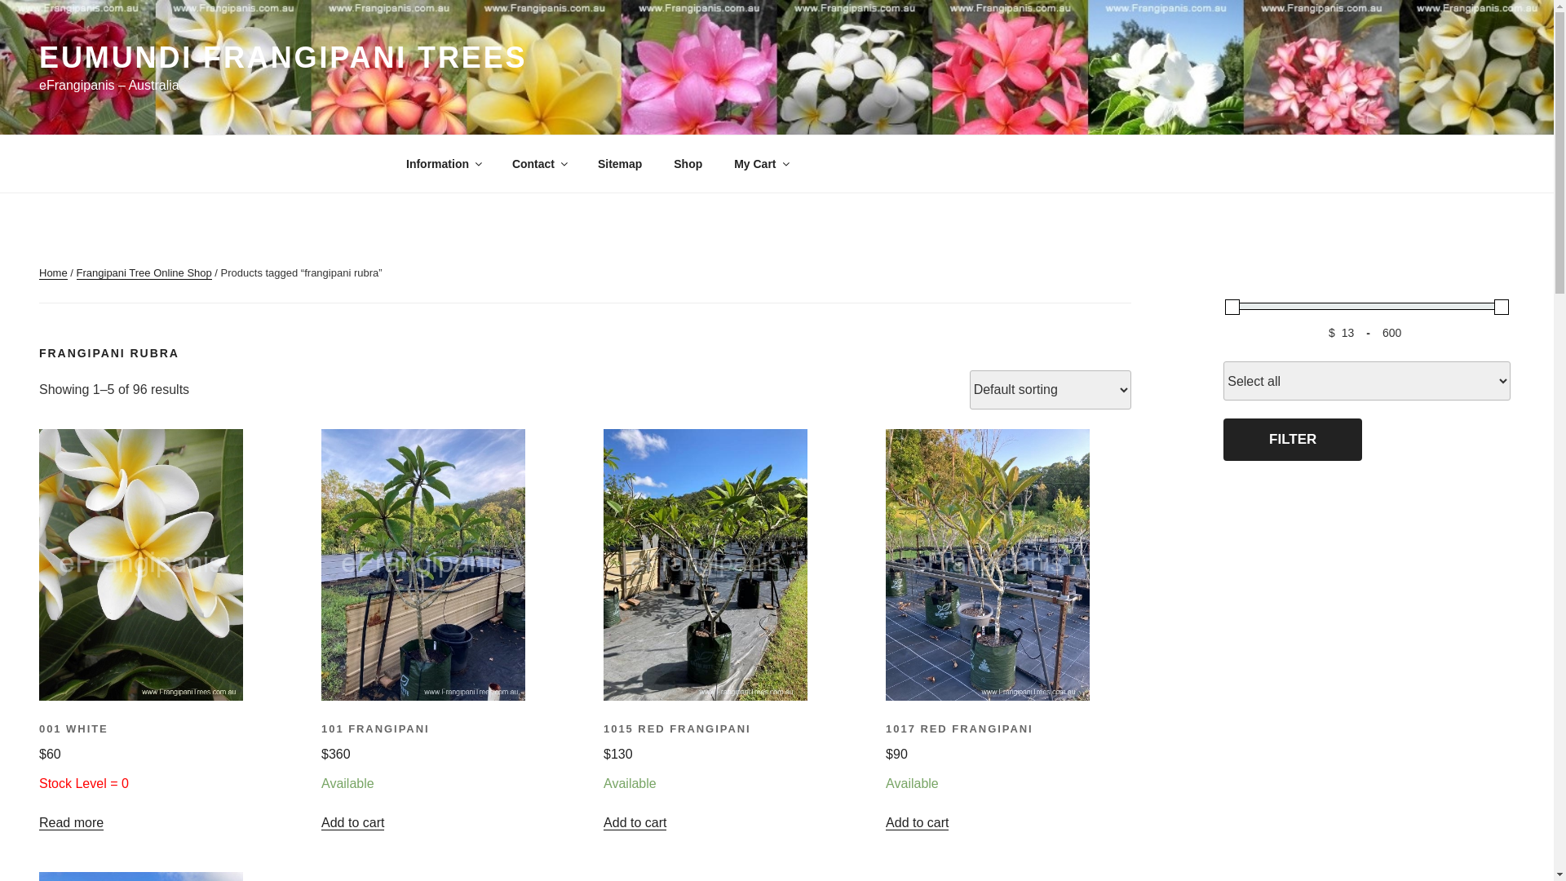 This screenshot has height=881, width=1566. I want to click on 'Shop', so click(688, 163).